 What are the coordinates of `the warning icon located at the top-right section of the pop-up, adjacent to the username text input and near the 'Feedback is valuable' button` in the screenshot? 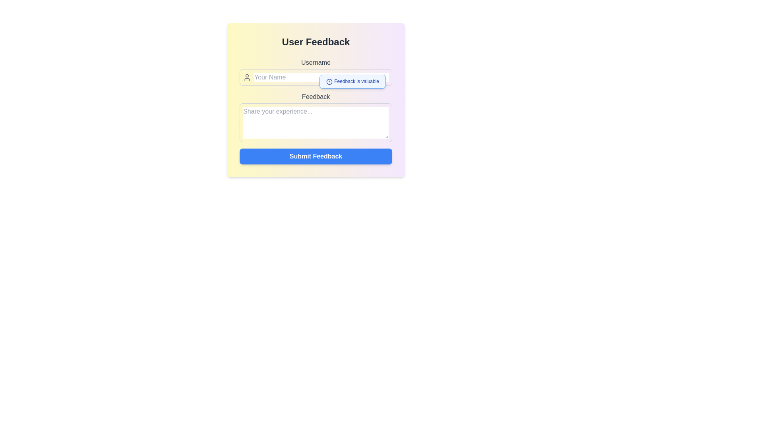 It's located at (329, 81).